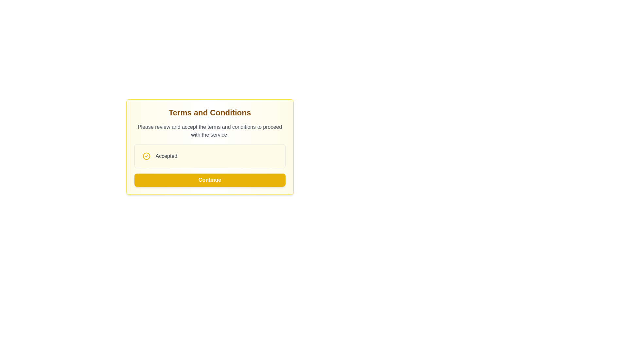 This screenshot has width=628, height=353. What do you see at coordinates (146, 156) in the screenshot?
I see `the circular SVG graphic of the 'Accepted' checkbox in the Terms and Conditions agreement interface` at bounding box center [146, 156].